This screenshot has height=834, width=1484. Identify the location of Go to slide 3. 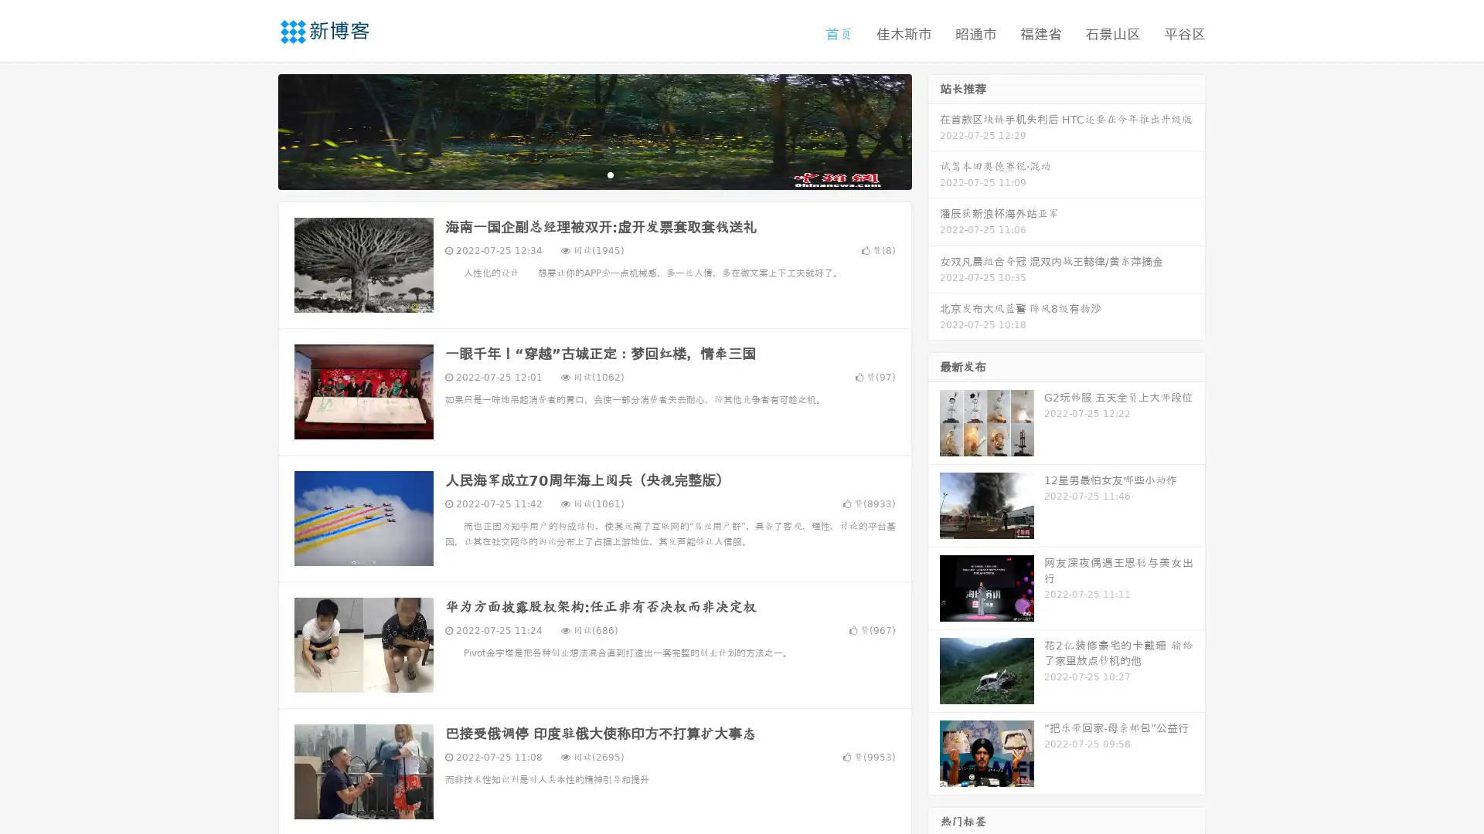
(610, 174).